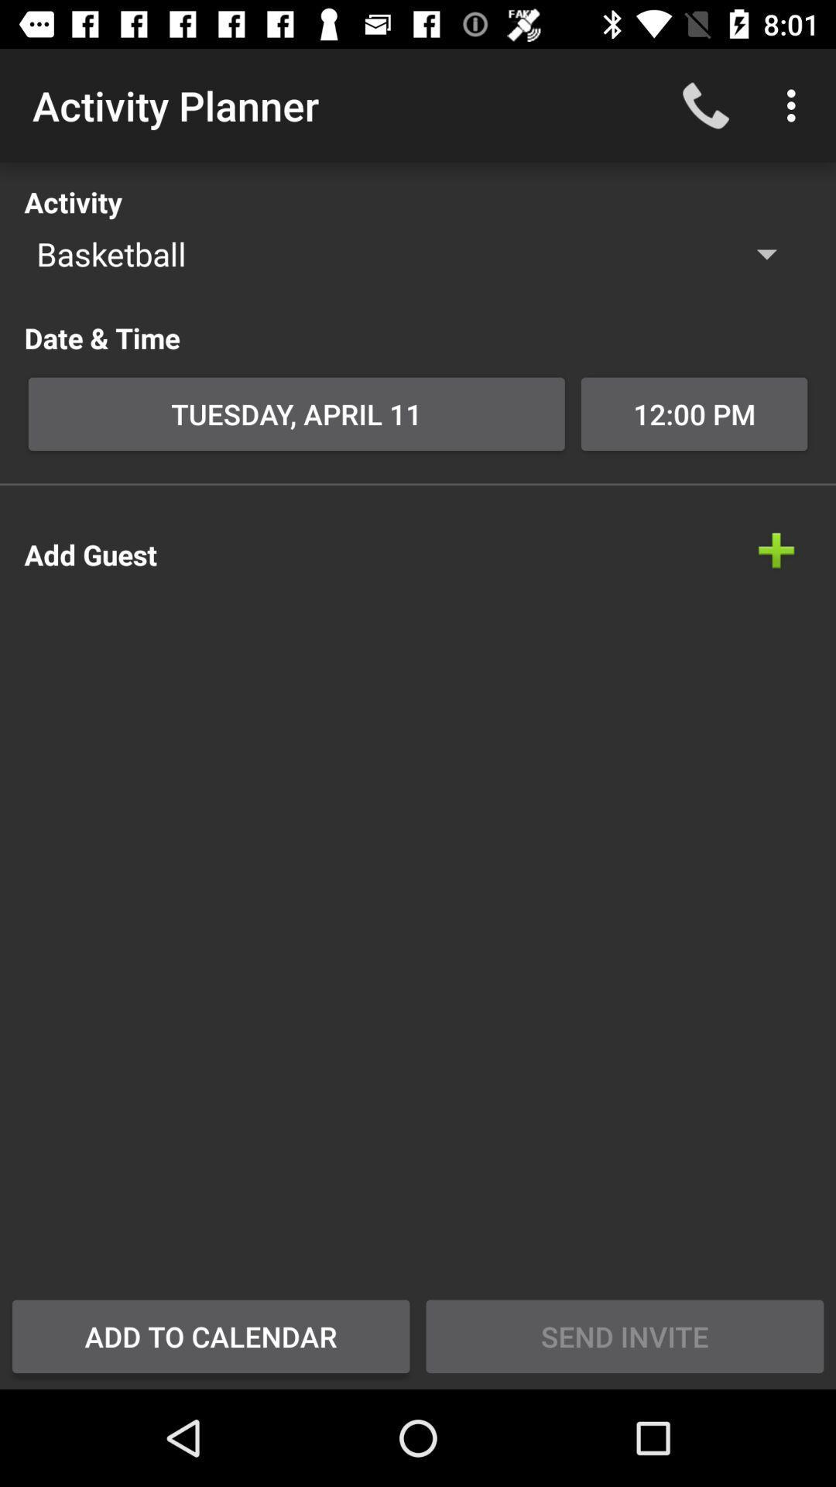  What do you see at coordinates (211, 1335) in the screenshot?
I see `item below the add guest item` at bounding box center [211, 1335].